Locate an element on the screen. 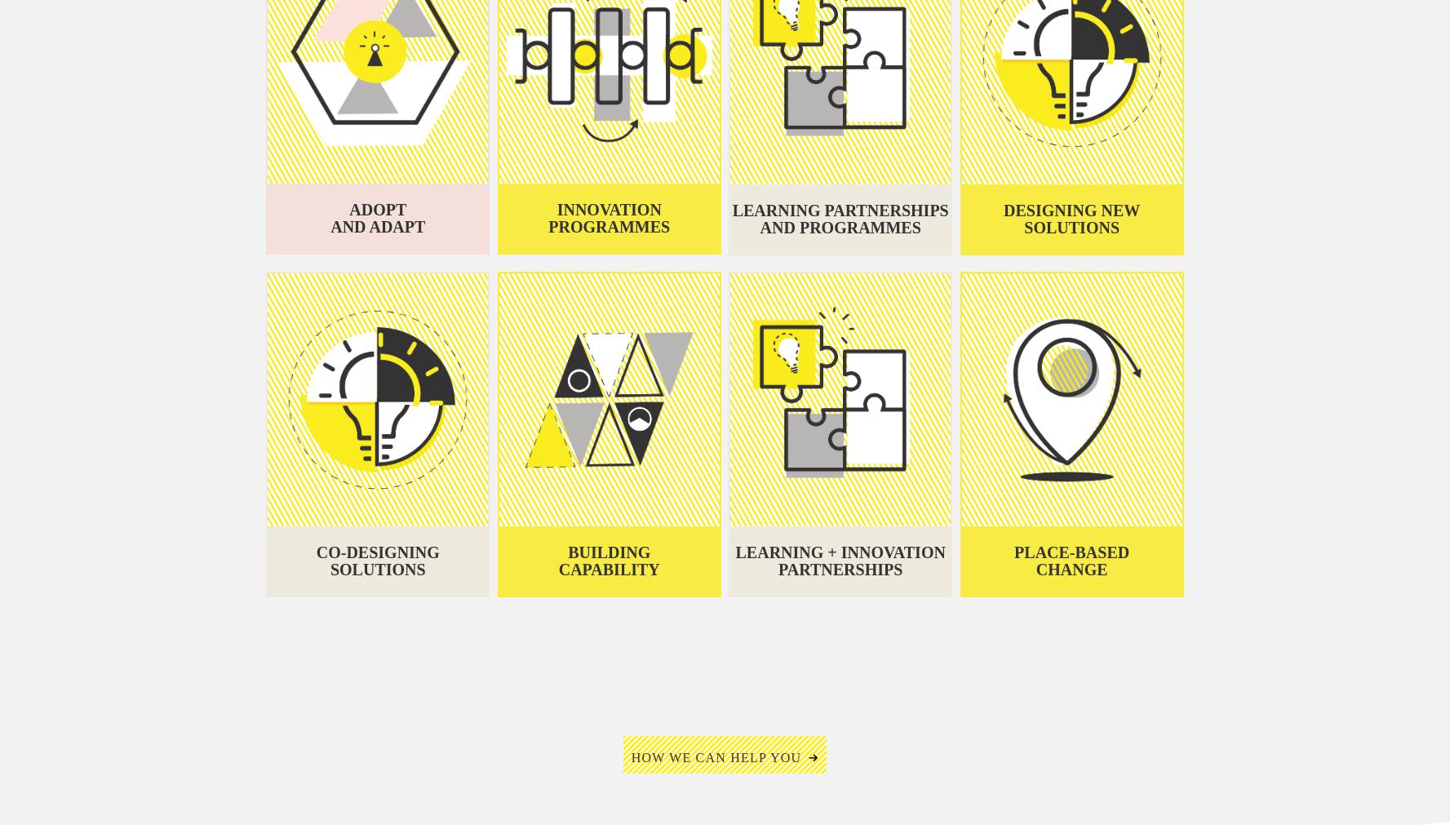 The width and height of the screenshot is (1450, 825). 'Adopt' is located at coordinates (377, 209).